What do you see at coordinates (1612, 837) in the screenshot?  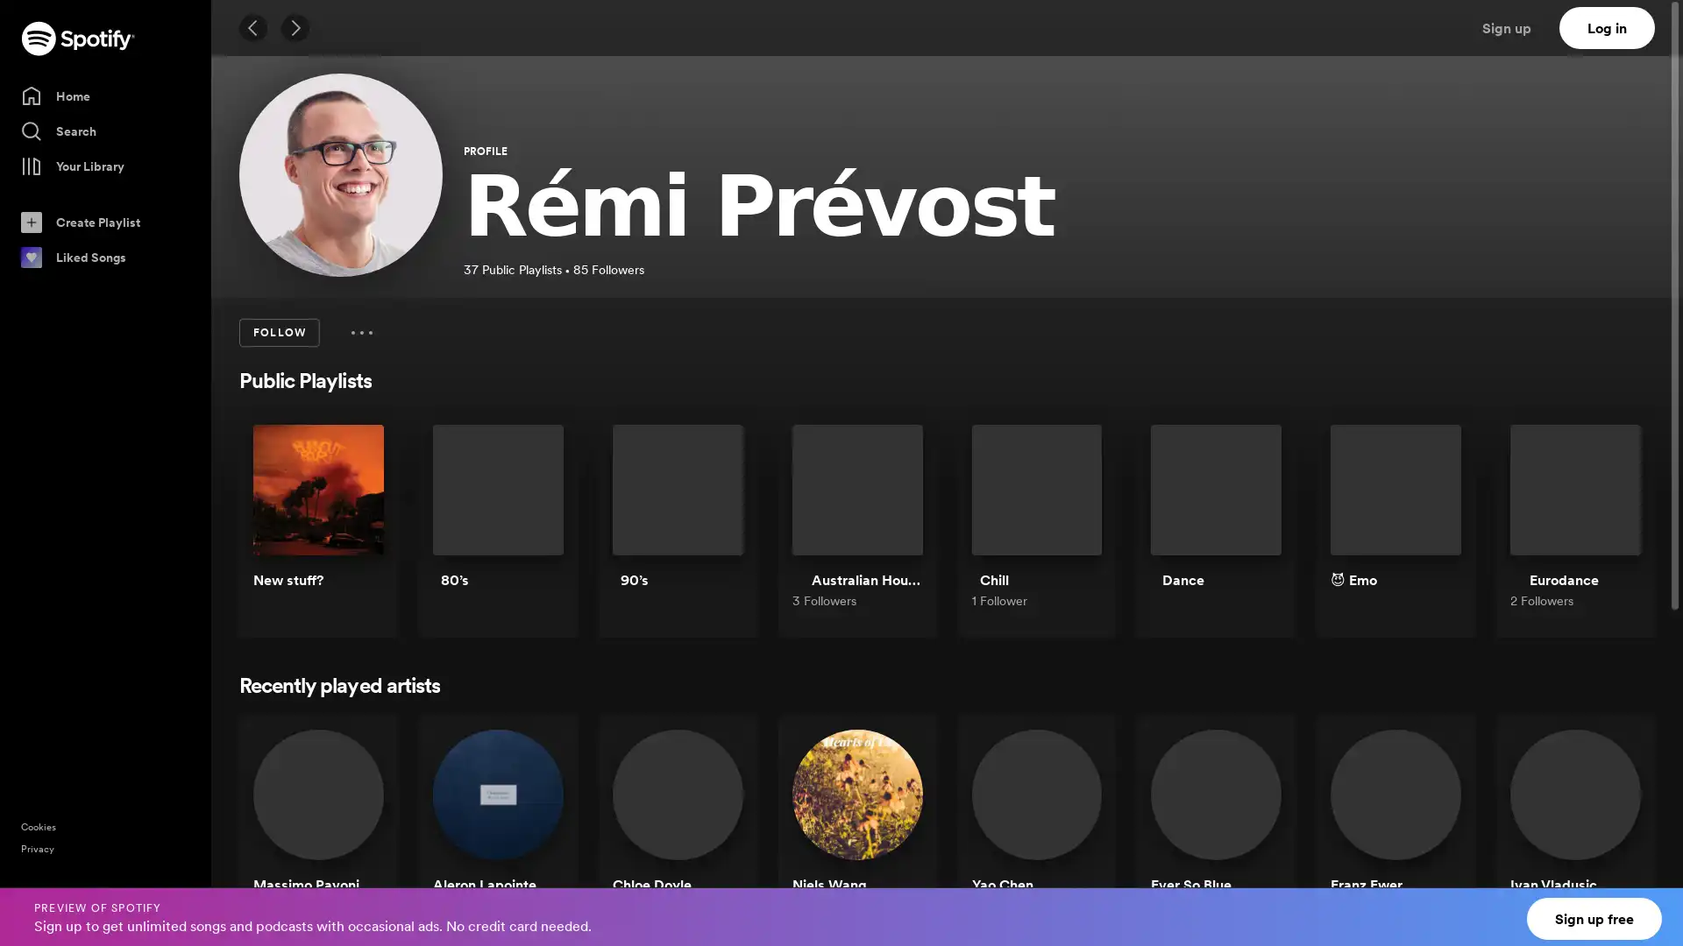 I see `Play Ivan Vladusic` at bounding box center [1612, 837].